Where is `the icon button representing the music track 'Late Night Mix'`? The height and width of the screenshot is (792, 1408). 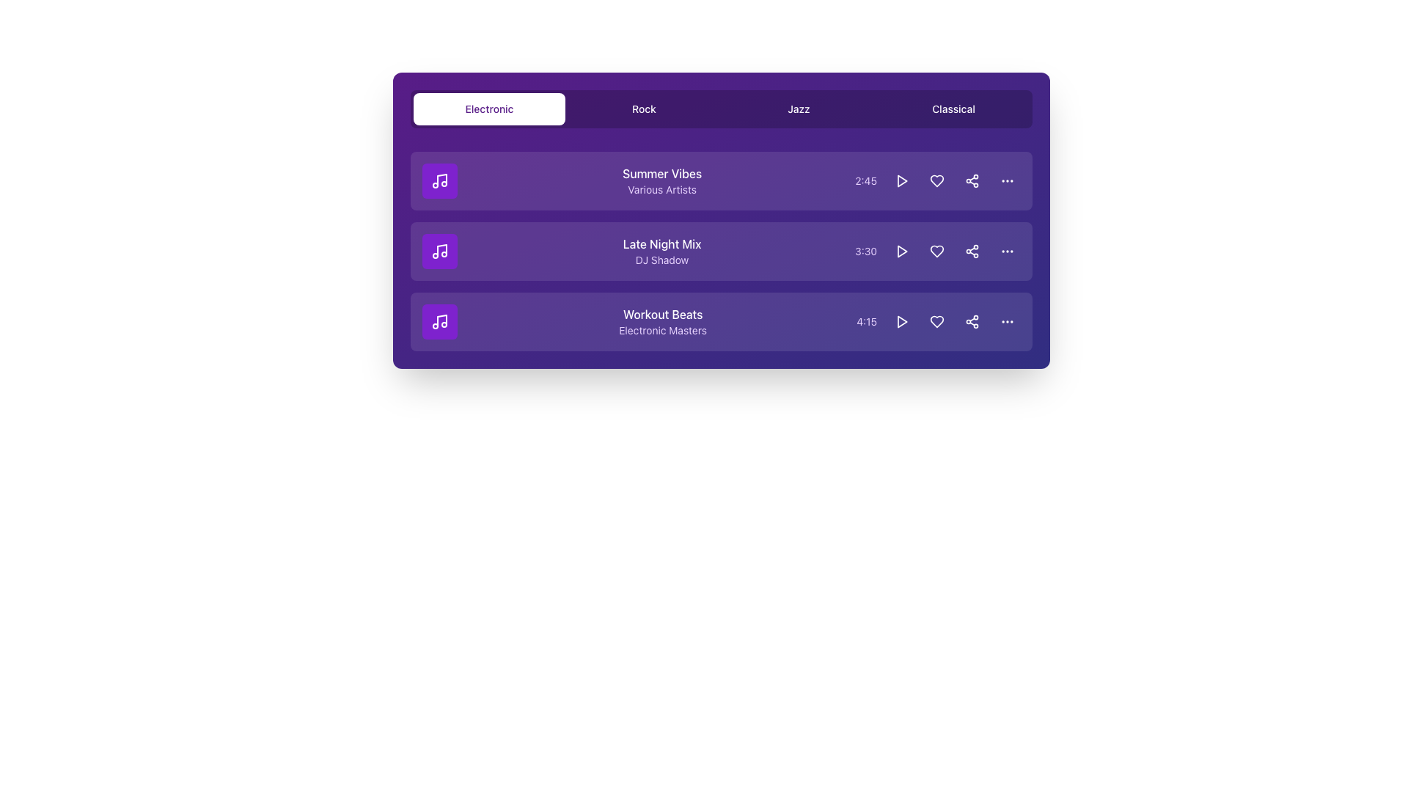 the icon button representing the music track 'Late Night Mix' is located at coordinates (439, 251).